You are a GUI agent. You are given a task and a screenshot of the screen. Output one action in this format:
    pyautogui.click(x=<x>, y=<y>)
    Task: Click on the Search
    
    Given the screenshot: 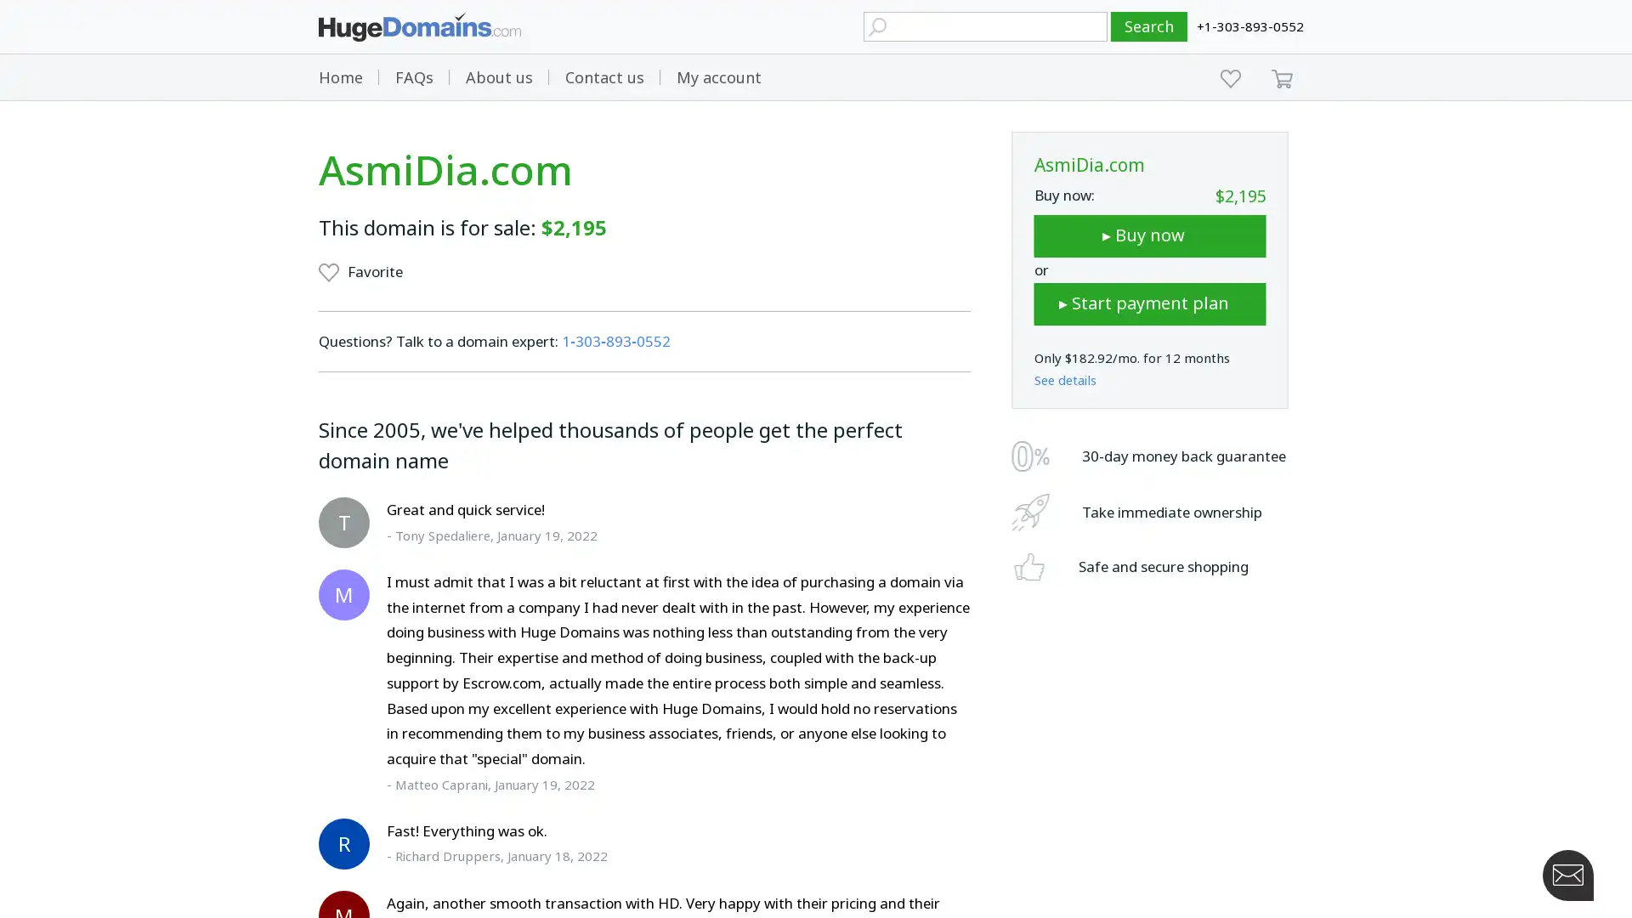 What is the action you would take?
    pyautogui.click(x=1149, y=26)
    